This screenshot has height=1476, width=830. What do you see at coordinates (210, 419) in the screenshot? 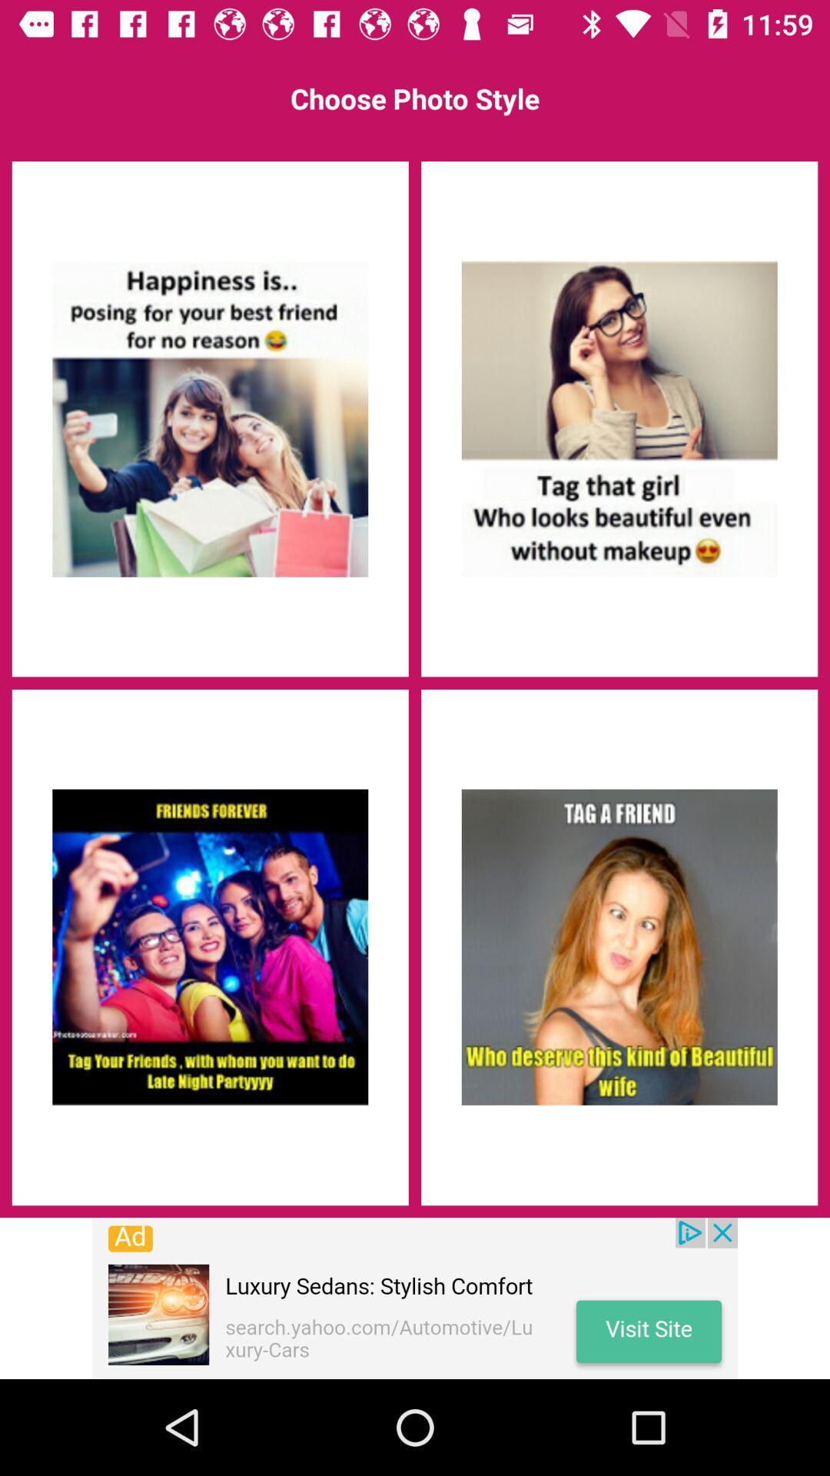
I see `photo style 1` at bounding box center [210, 419].